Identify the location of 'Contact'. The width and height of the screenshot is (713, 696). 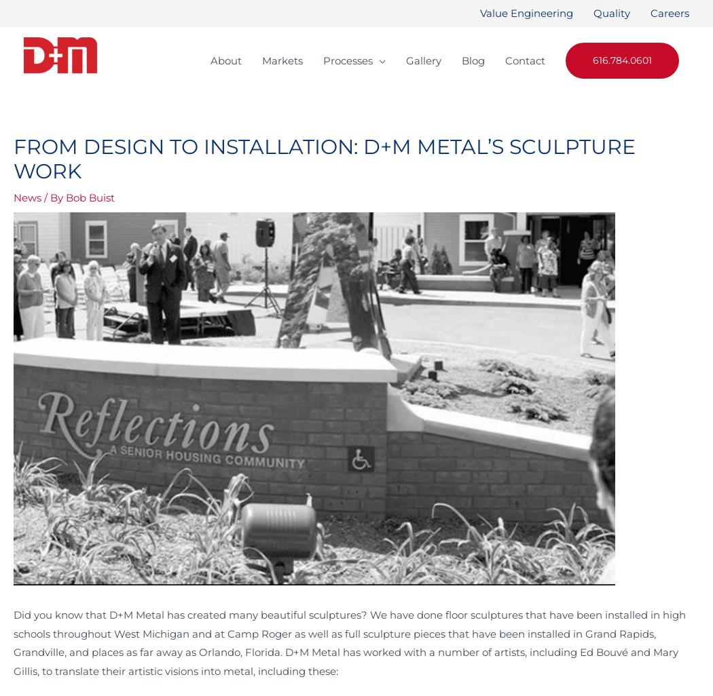
(525, 59).